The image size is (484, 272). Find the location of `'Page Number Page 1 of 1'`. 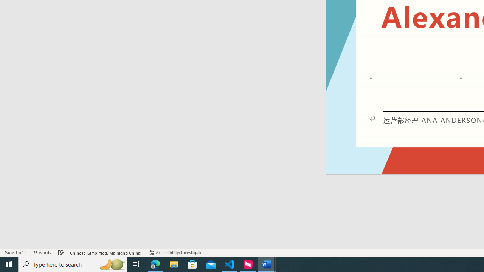

'Page Number Page 1 of 1' is located at coordinates (15, 253).